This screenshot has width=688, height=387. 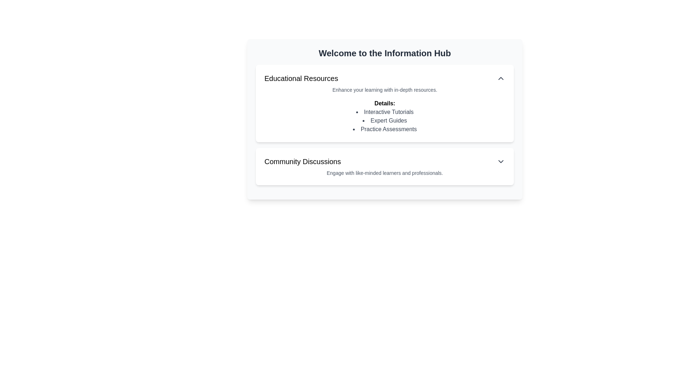 What do you see at coordinates (384, 120) in the screenshot?
I see `the static text list item reading 'Expert Guides' which is the second item in the 'Educational Resources' section under 'Details'` at bounding box center [384, 120].